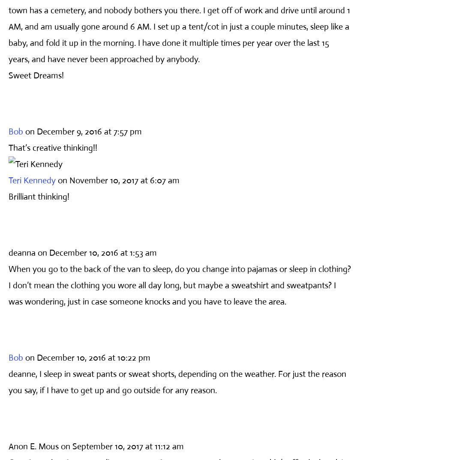 The width and height of the screenshot is (450, 460). What do you see at coordinates (8, 180) in the screenshot?
I see `'Teri Kennedy'` at bounding box center [8, 180].